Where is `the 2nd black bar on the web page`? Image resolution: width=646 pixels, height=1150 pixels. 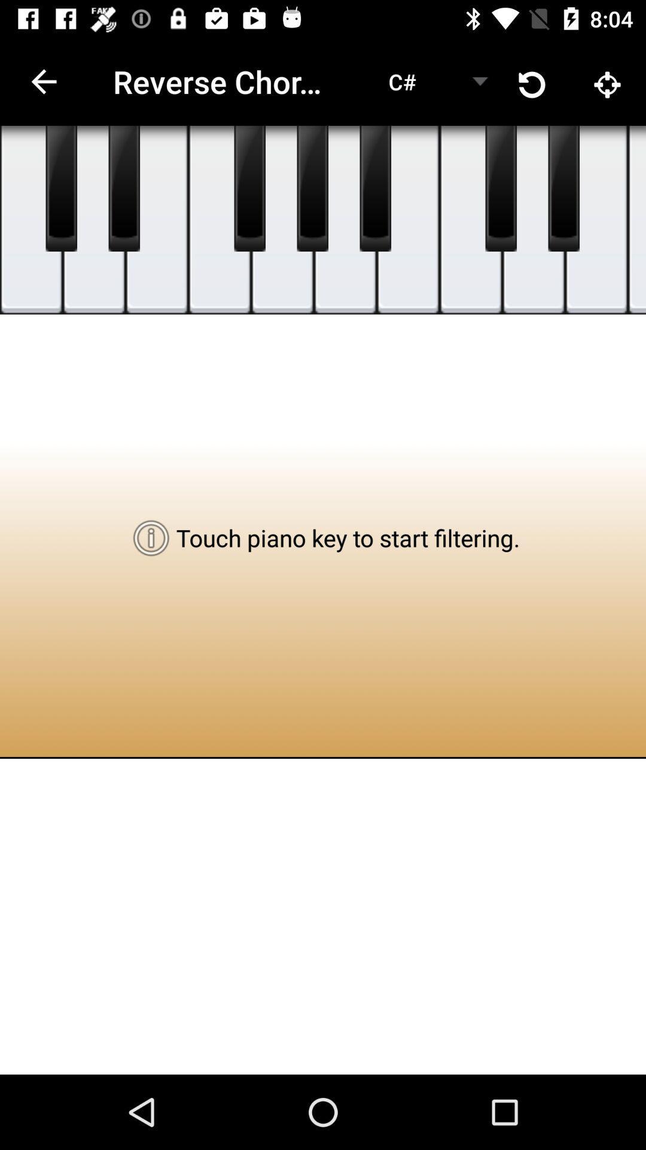
the 2nd black bar on the web page is located at coordinates (124, 188).